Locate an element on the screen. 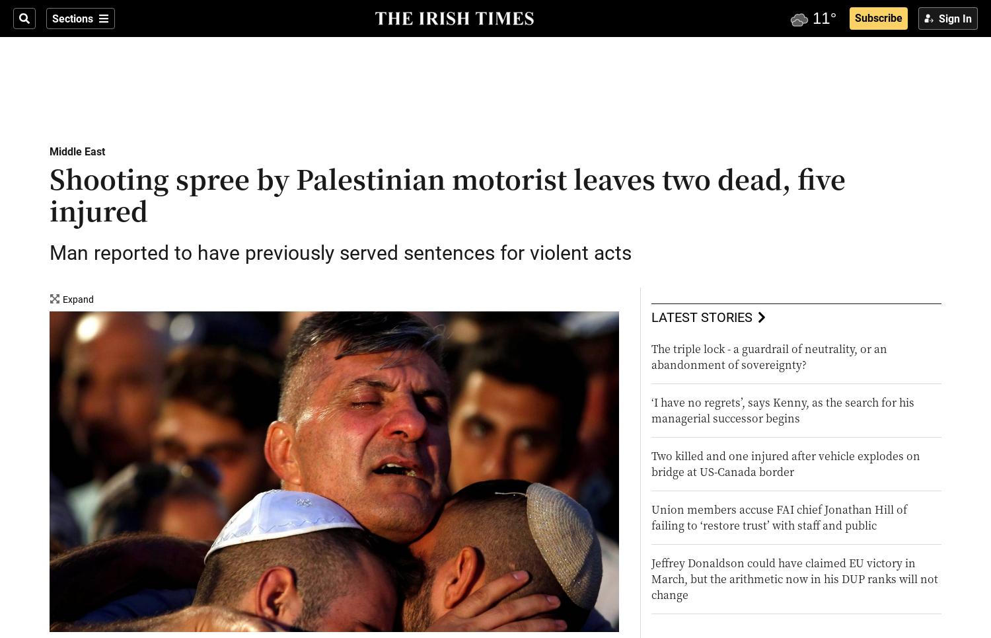 The width and height of the screenshot is (991, 638). 'LATEST STORIES' is located at coordinates (701, 316).